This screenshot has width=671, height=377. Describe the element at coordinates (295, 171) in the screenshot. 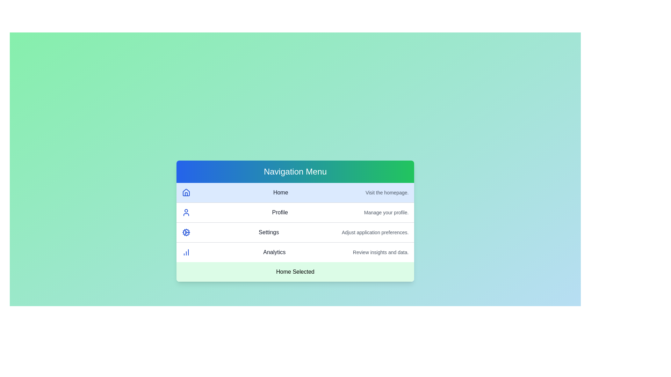

I see `the header text of the AdvancedMenu component` at that location.